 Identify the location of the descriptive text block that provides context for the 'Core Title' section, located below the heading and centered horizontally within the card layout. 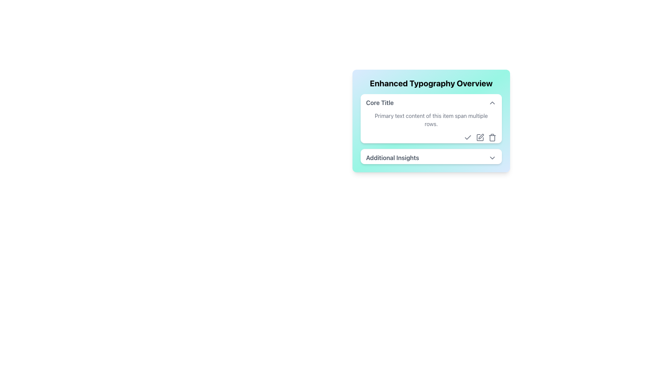
(431, 127).